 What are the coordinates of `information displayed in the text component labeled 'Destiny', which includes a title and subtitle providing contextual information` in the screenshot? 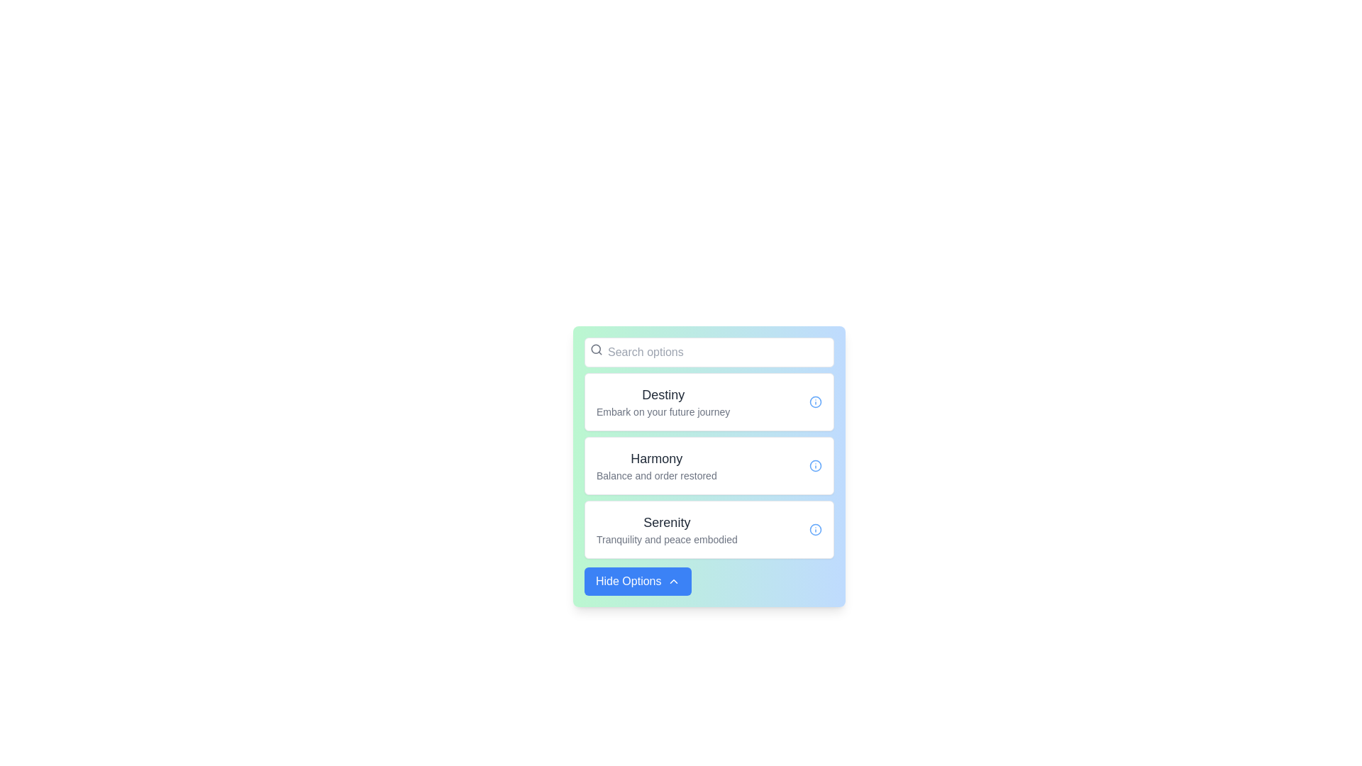 It's located at (663, 402).